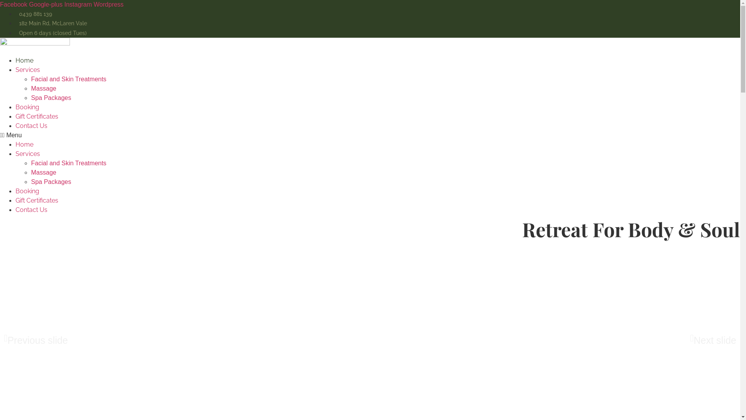 This screenshot has width=746, height=420. What do you see at coordinates (0, 4) in the screenshot?
I see `'Facebook'` at bounding box center [0, 4].